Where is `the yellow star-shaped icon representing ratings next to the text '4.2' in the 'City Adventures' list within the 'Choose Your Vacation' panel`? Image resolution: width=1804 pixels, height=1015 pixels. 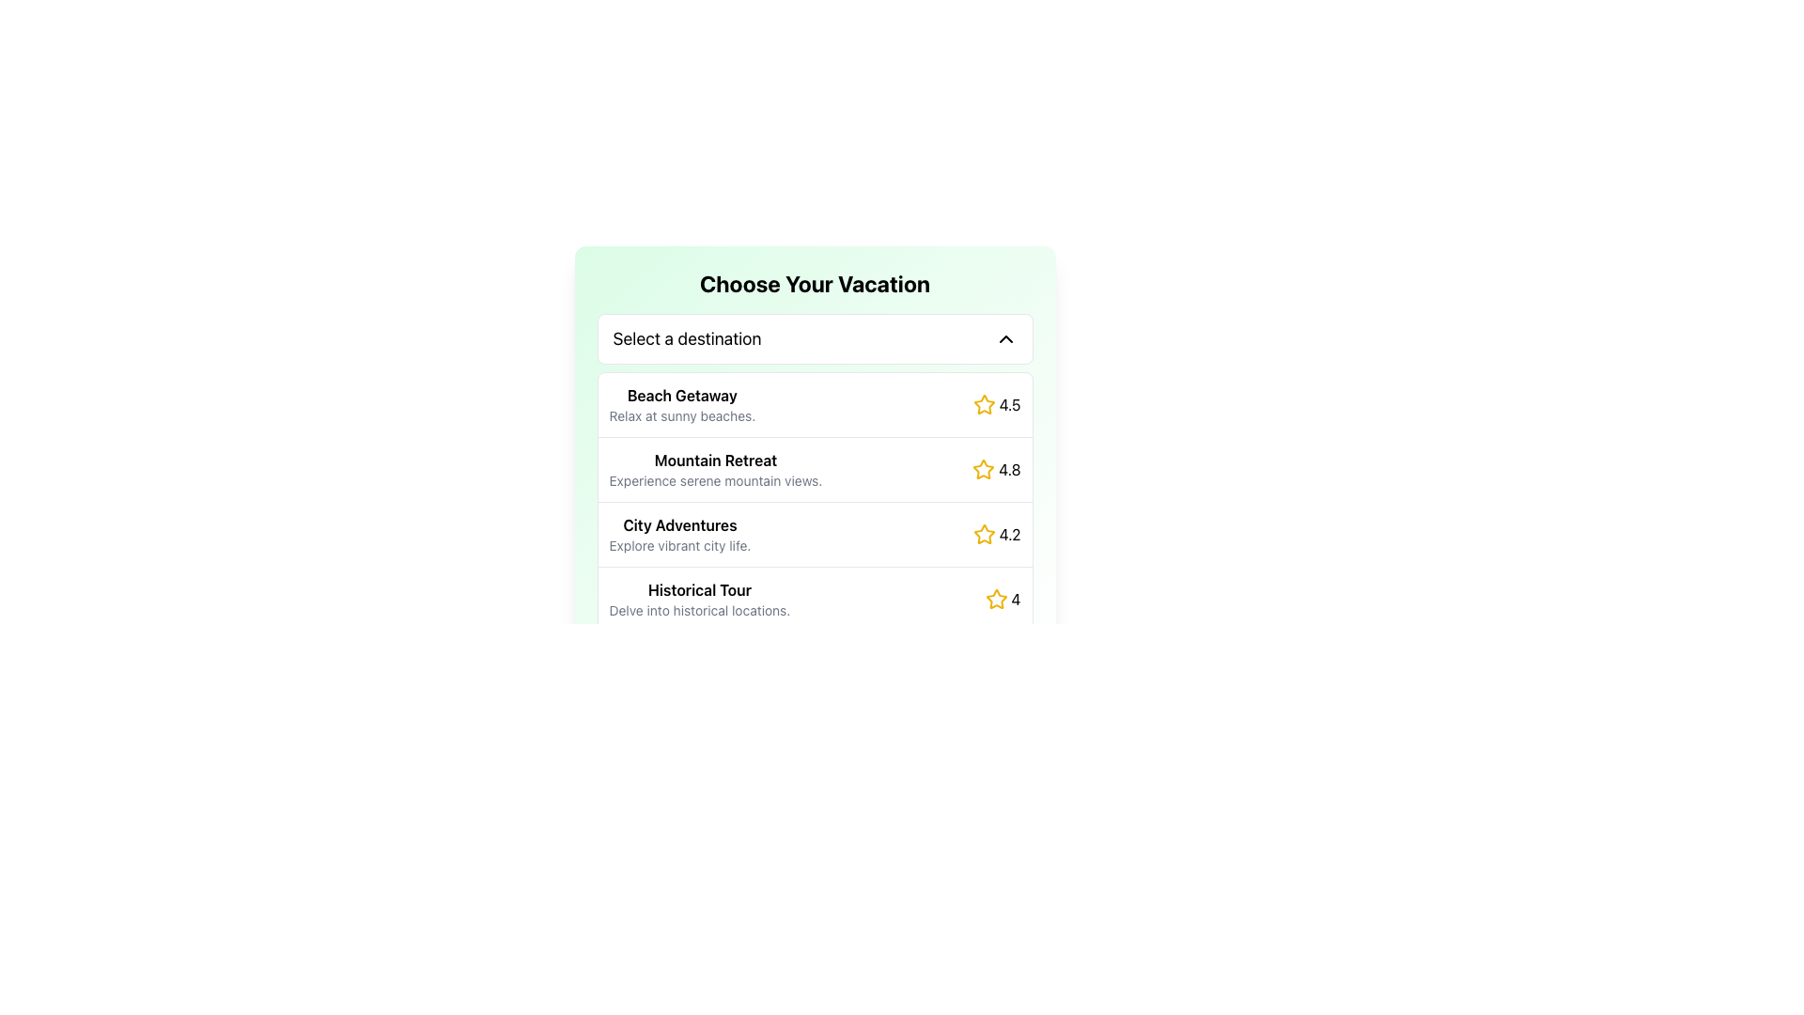 the yellow star-shaped icon representing ratings next to the text '4.2' in the 'City Adventures' list within the 'Choose Your Vacation' panel is located at coordinates (983, 535).